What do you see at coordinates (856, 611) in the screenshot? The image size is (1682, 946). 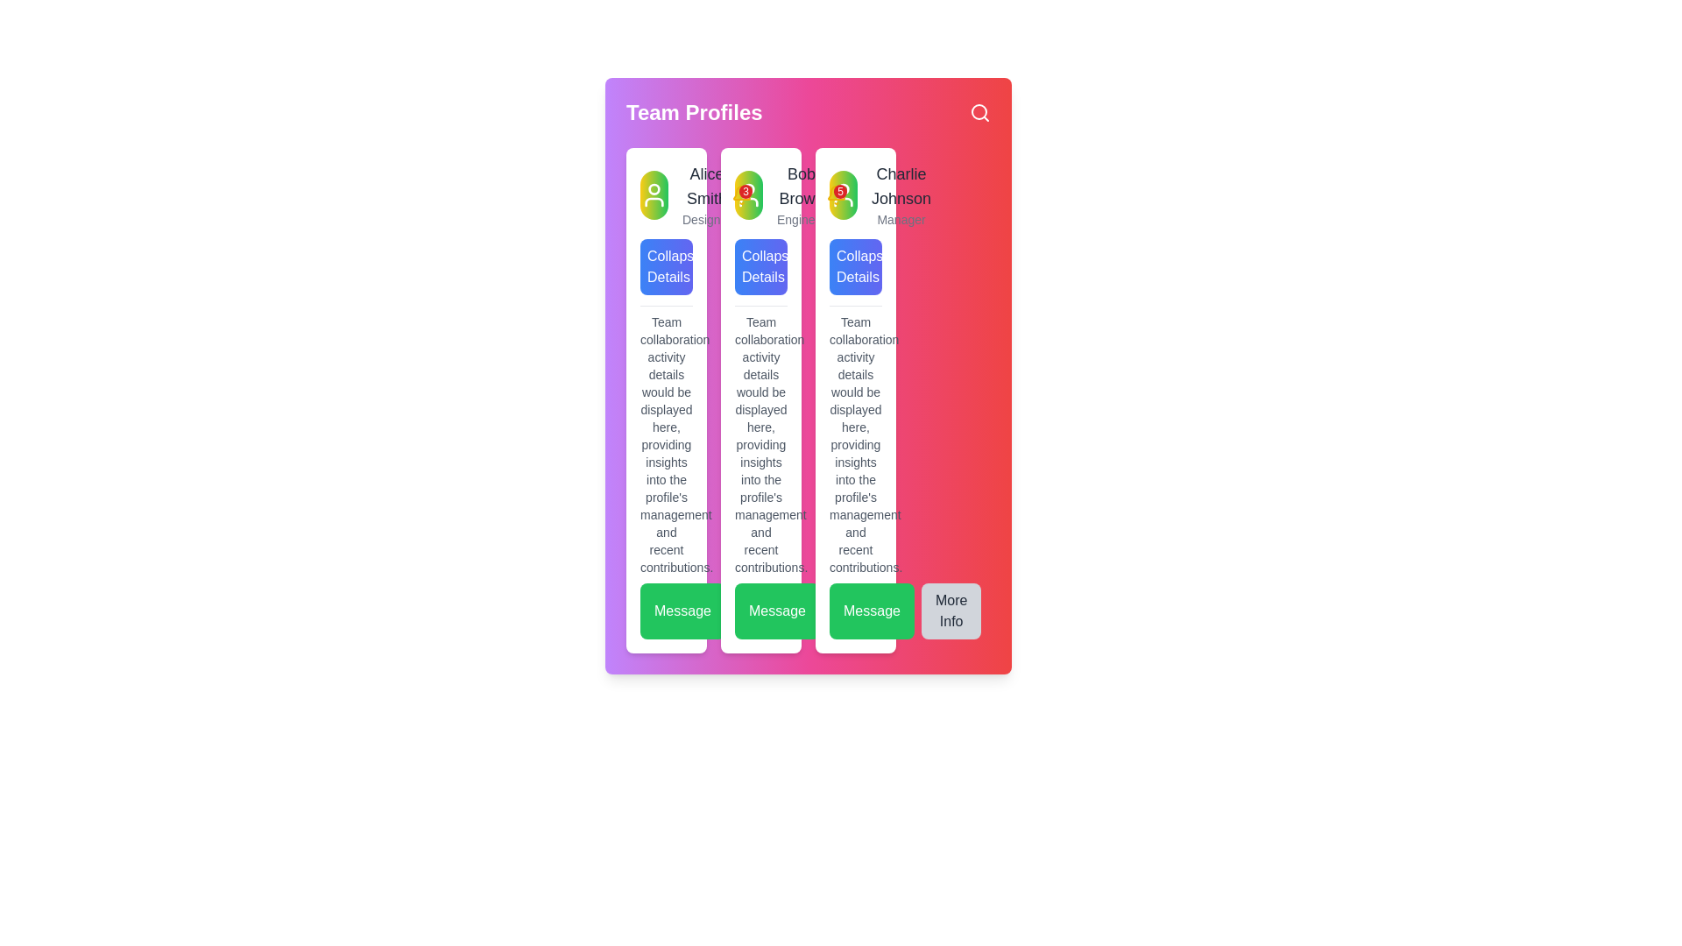 I see `the interactive button for sending a message related to the specific team member profile located in the third column, positioned at the bottom of the column` at bounding box center [856, 611].